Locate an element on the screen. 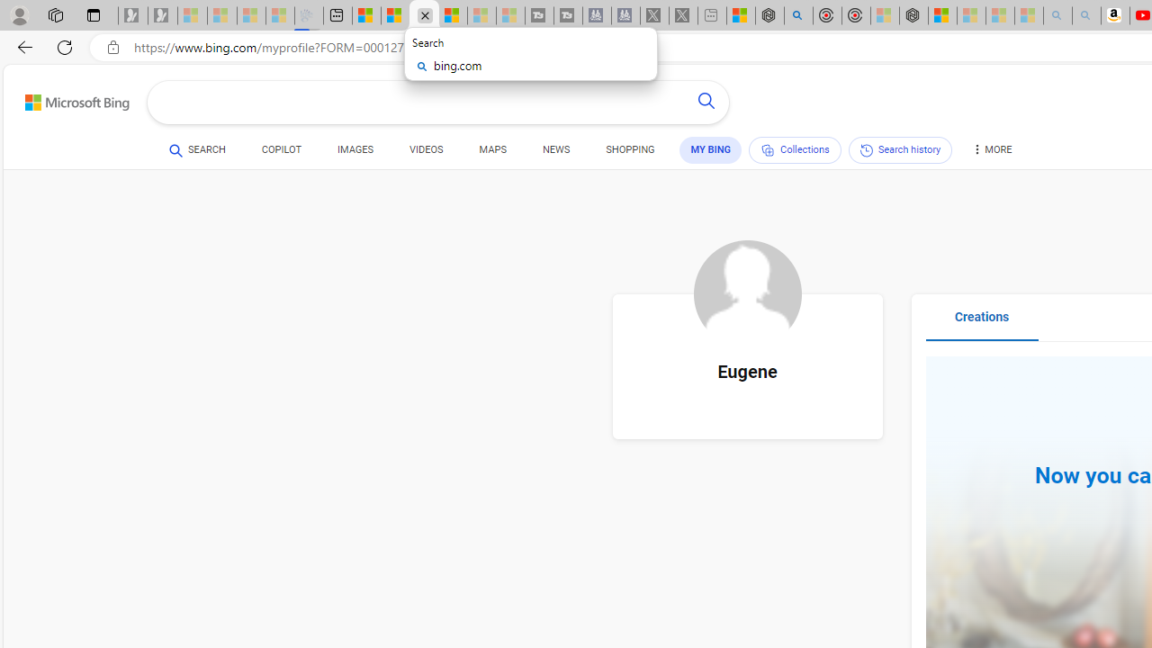 The width and height of the screenshot is (1152, 648). 'Amazon Echo Dot PNG - Search Images - Sleeping' is located at coordinates (1085, 15).